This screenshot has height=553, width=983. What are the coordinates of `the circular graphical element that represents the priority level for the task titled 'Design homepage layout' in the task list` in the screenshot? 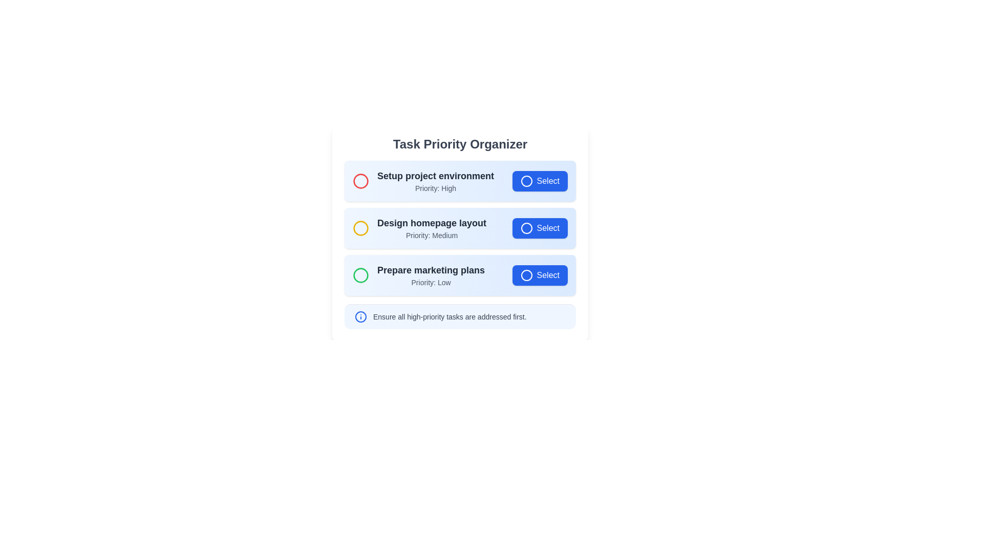 It's located at (361, 228).